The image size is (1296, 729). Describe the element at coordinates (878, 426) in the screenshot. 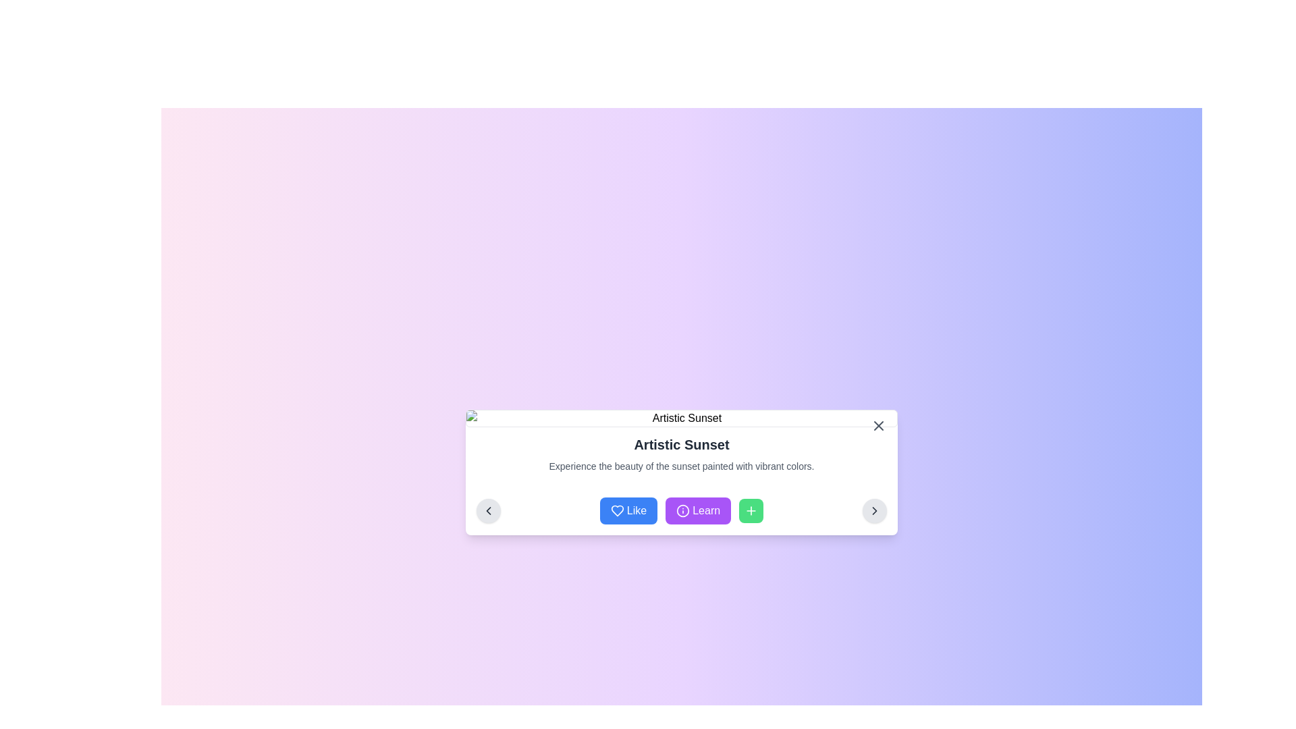

I see `the gray 'X' button located at the top right corner of the 'Artistic Sunset' card` at that location.